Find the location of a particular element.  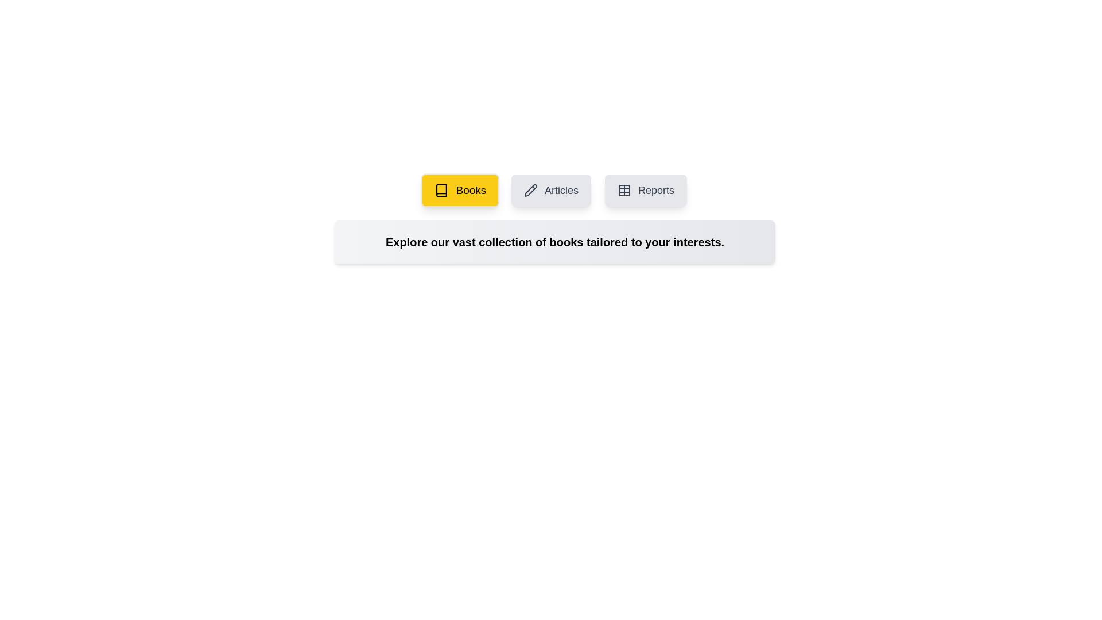

the book icon with a yellow background located inside the 'Books' button, which is the first button in a set of three aligned horizontally at the top center is located at coordinates (441, 189).